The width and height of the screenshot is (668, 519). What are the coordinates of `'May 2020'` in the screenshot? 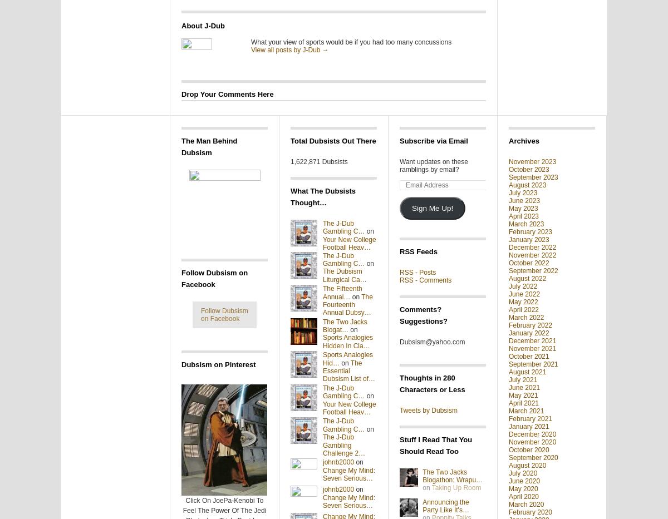 It's located at (523, 488).